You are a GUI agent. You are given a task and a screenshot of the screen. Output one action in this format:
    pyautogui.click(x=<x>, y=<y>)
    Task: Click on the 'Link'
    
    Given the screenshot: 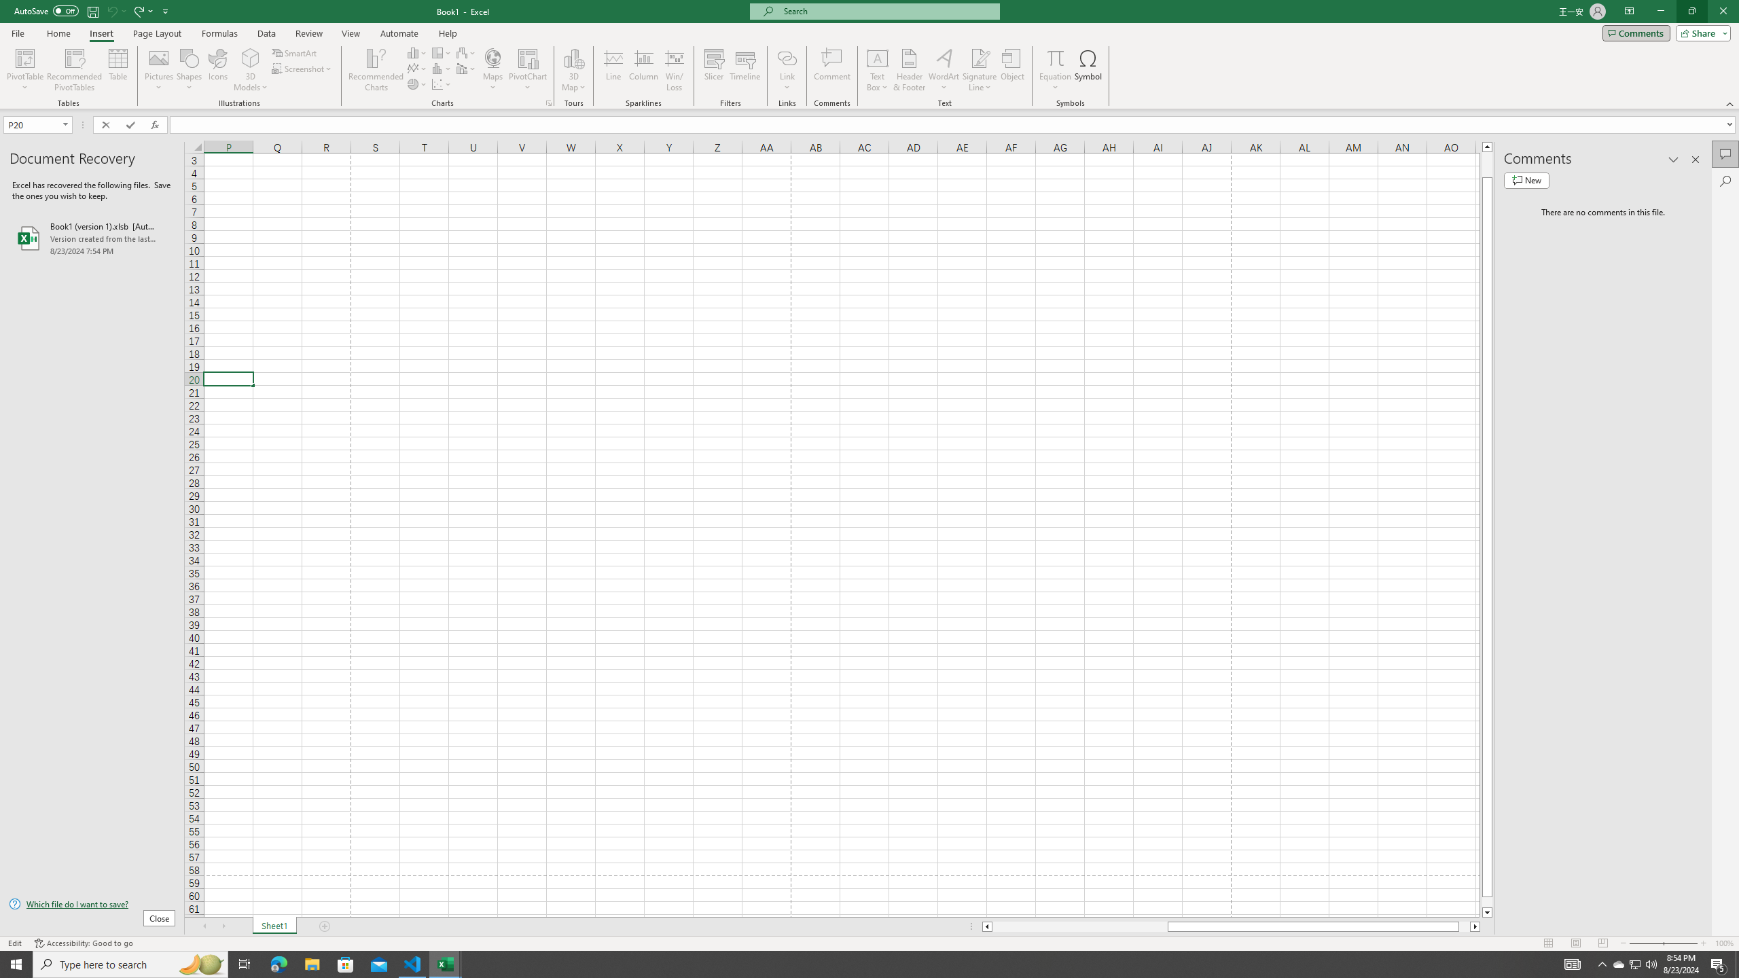 What is the action you would take?
    pyautogui.click(x=787, y=70)
    